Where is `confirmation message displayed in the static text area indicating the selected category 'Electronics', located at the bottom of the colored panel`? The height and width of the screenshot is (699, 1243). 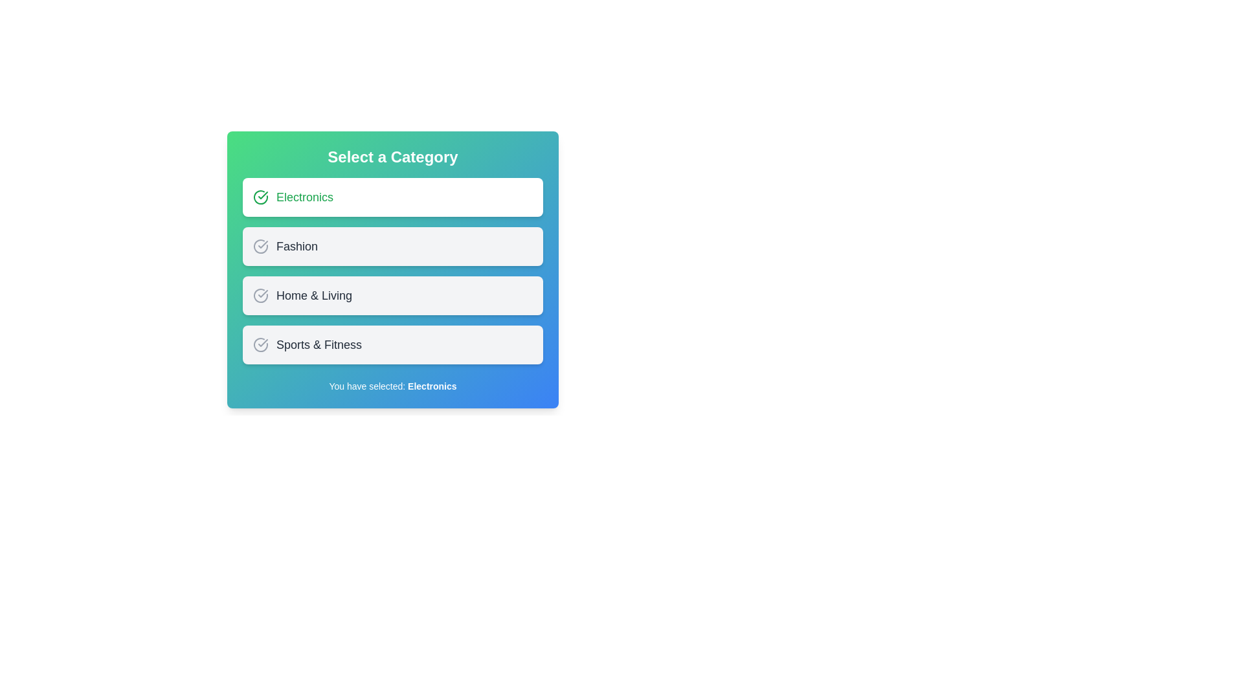
confirmation message displayed in the static text area indicating the selected category 'Electronics', located at the bottom of the colored panel is located at coordinates (392, 386).